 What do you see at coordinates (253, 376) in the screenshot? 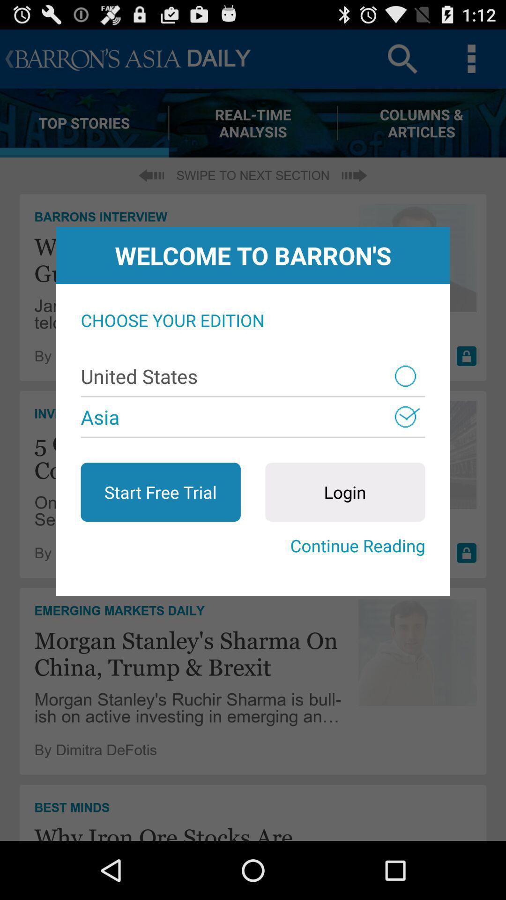
I see `the united states icon` at bounding box center [253, 376].